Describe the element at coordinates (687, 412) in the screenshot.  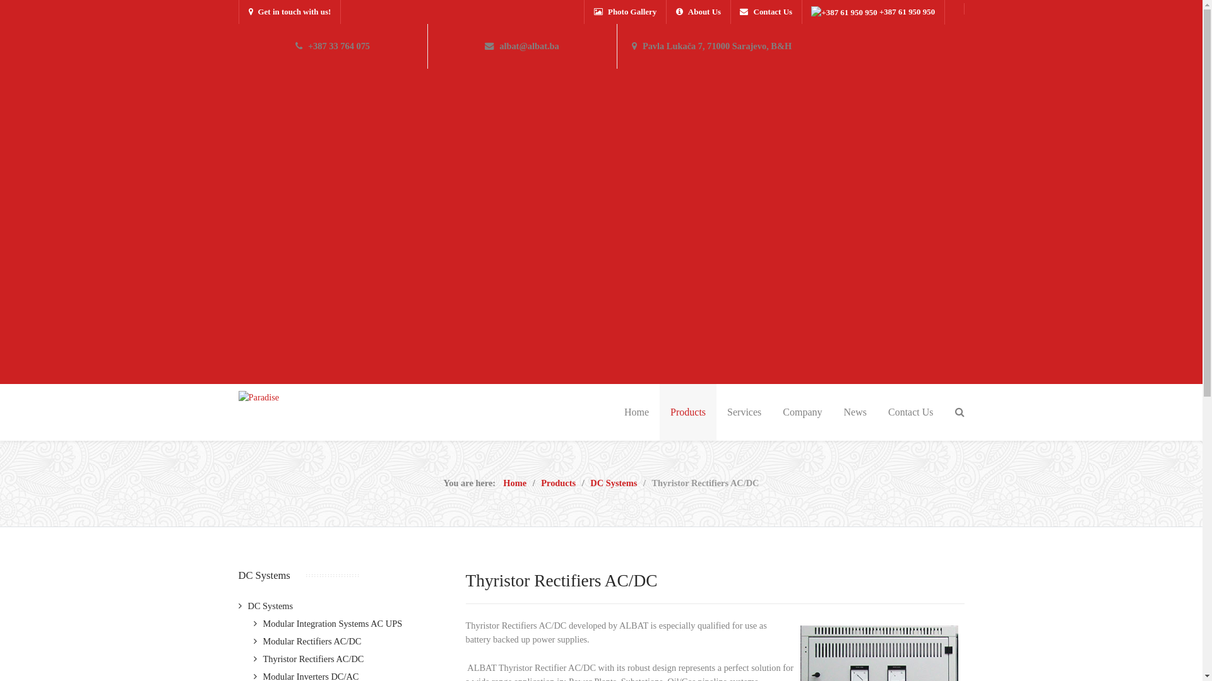
I see `'Products'` at that location.